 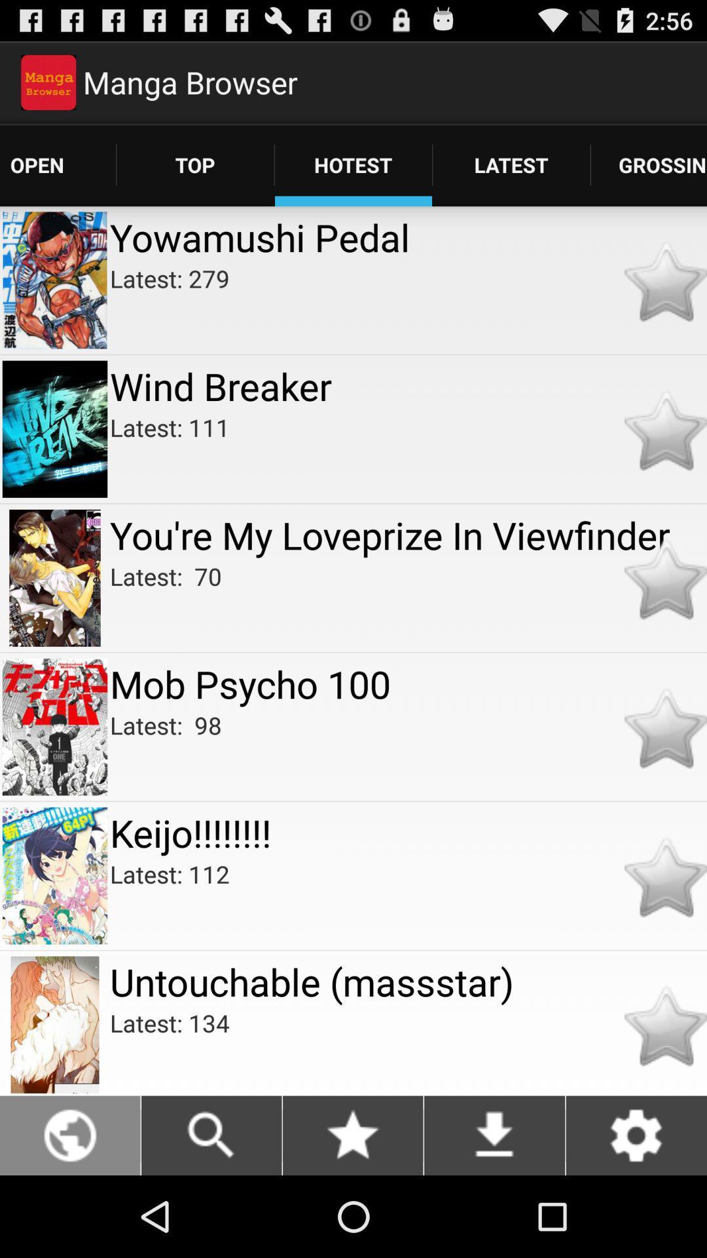 What do you see at coordinates (408, 237) in the screenshot?
I see `the yowamushi pedal` at bounding box center [408, 237].